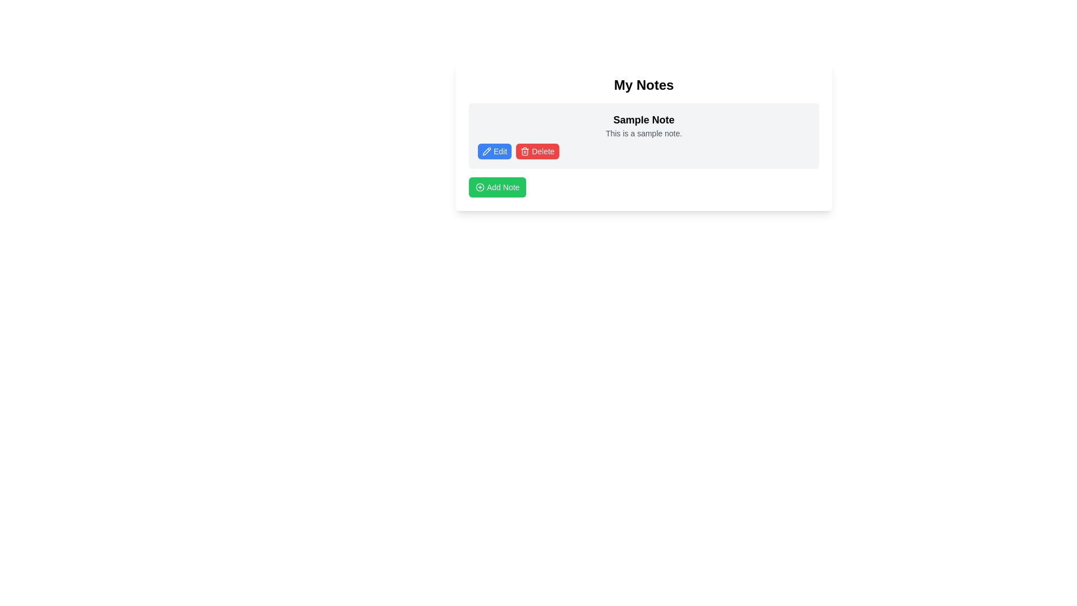  I want to click on the pencil icon within the 'Edit' button, which indicates an editing action and is located to the left of the button's label text 'Edit', so click(487, 151).